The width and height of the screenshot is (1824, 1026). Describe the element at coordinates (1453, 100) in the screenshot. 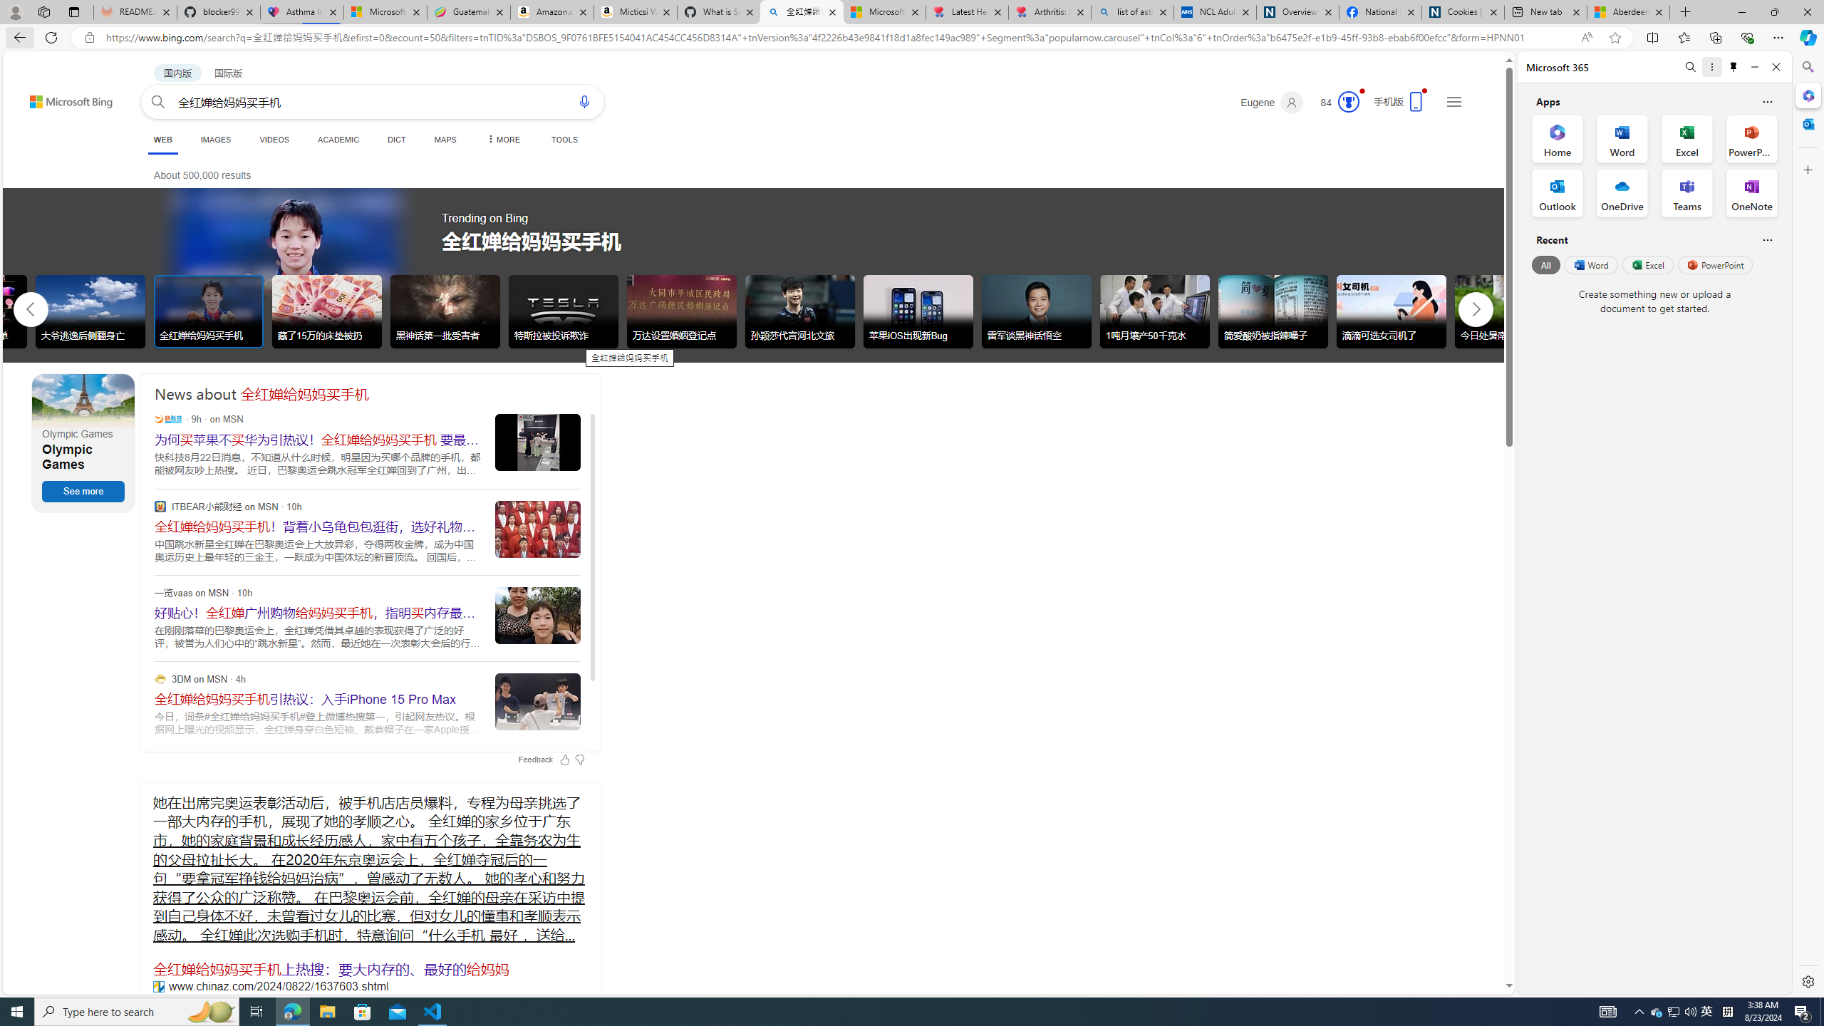

I see `'Settings and quick links'` at that location.